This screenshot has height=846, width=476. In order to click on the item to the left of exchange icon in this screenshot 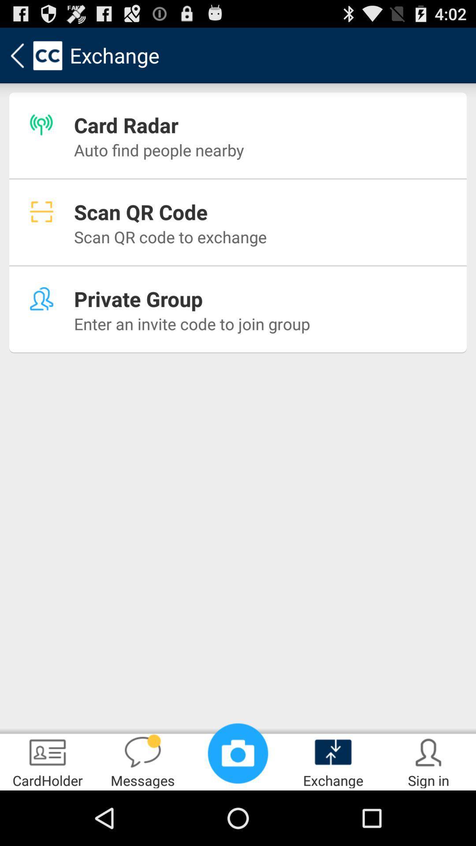, I will do `click(238, 753)`.